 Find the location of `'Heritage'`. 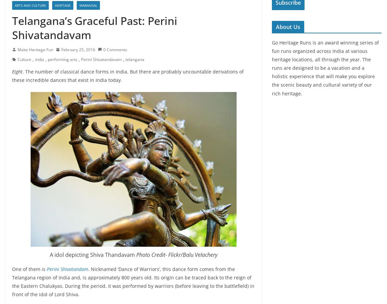

'Heritage' is located at coordinates (54, 5).